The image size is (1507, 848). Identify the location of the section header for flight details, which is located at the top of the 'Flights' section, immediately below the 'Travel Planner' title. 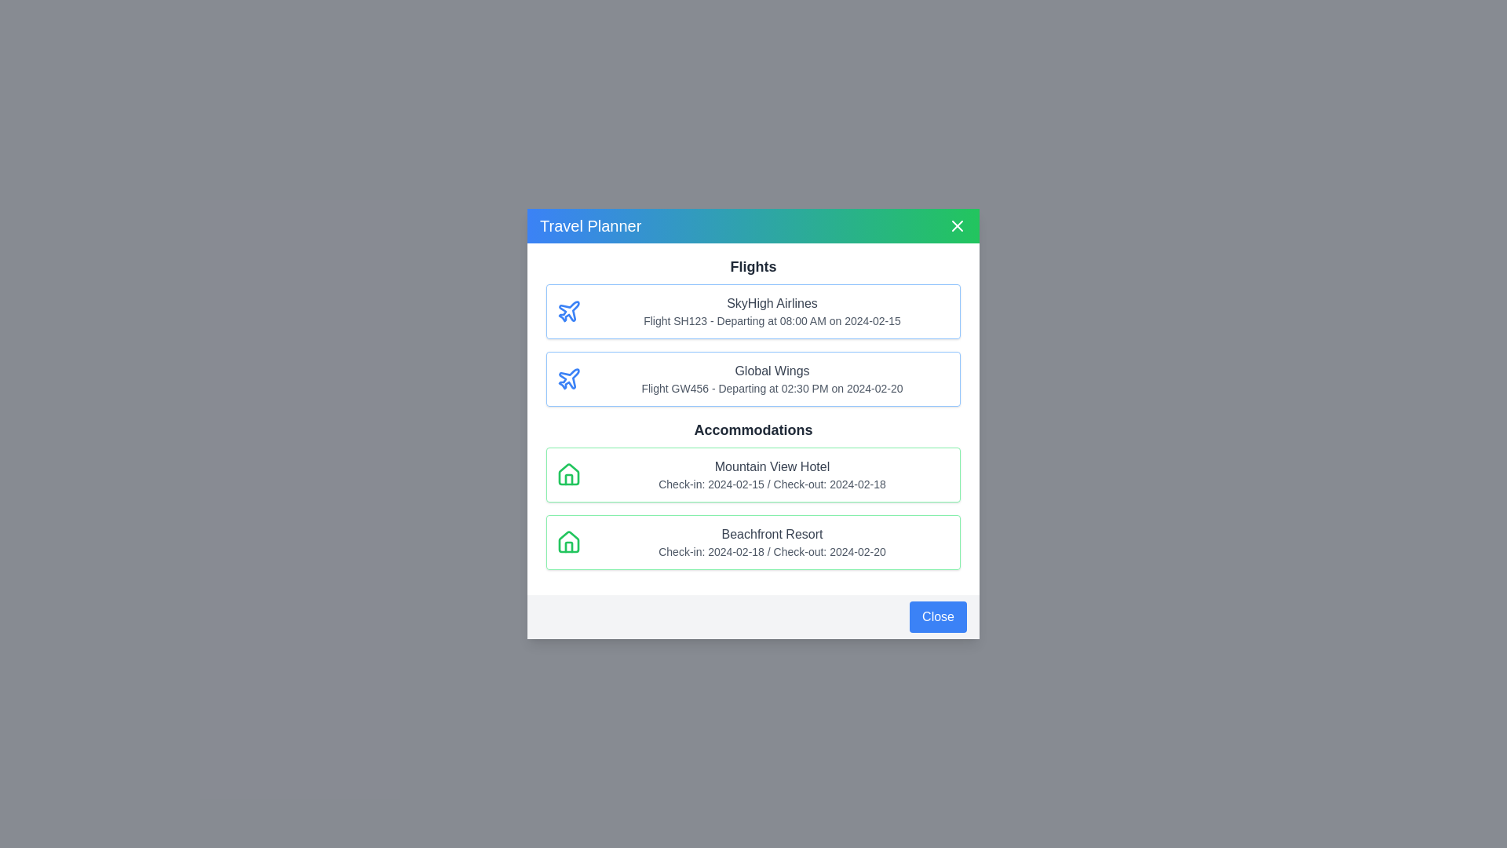
(753, 265).